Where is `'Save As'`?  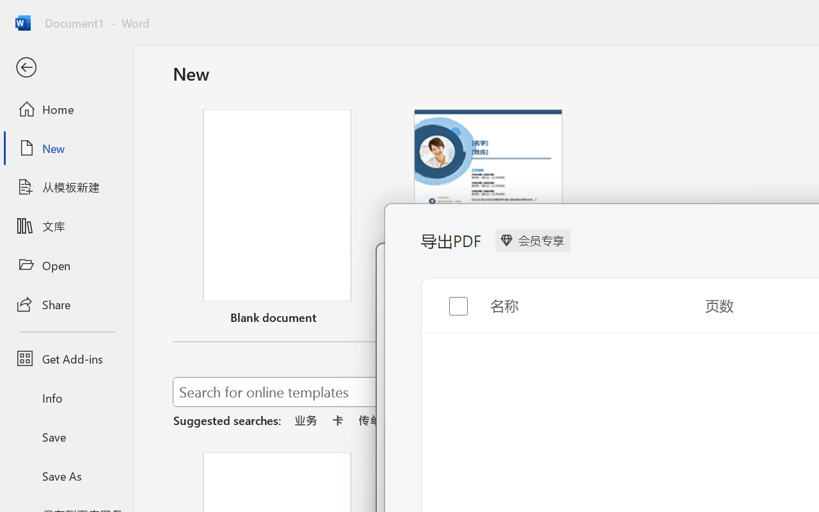 'Save As' is located at coordinates (66, 476).